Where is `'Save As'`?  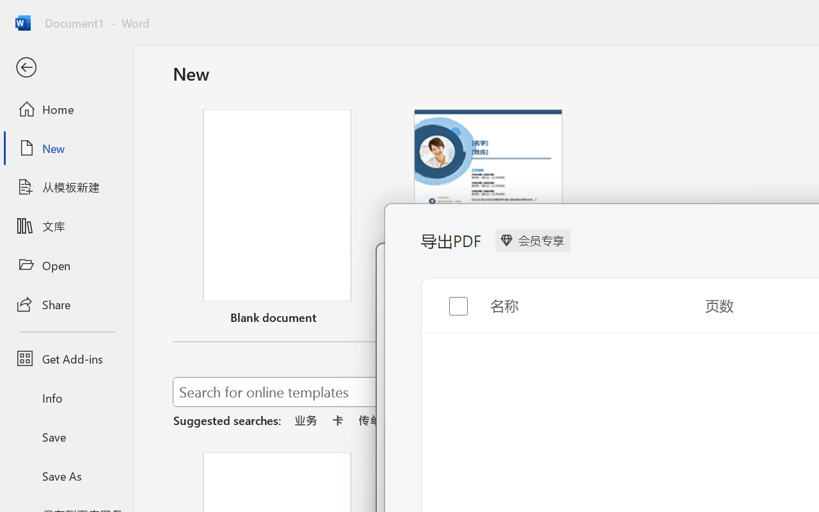 'Save As' is located at coordinates (66, 476).